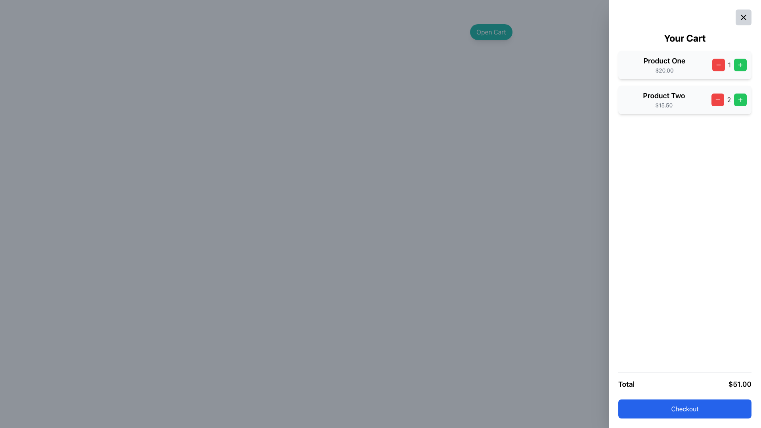 The image size is (761, 428). What do you see at coordinates (664, 99) in the screenshot?
I see `displayed text from the 'Product Two' text label, which shows the product name in bold above its price` at bounding box center [664, 99].